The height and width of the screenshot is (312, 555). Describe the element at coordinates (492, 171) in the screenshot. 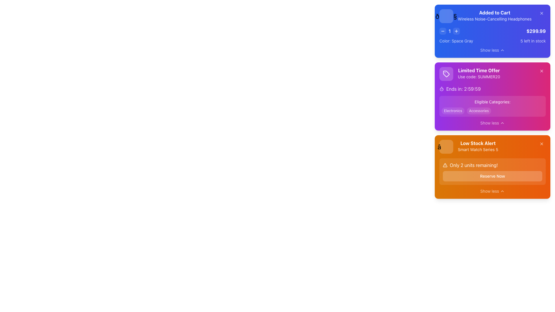

I see `the 'Reserve Now' button in the 'Low Stock Alert' section, which is styled with a light orange background and white text, to change its style` at that location.